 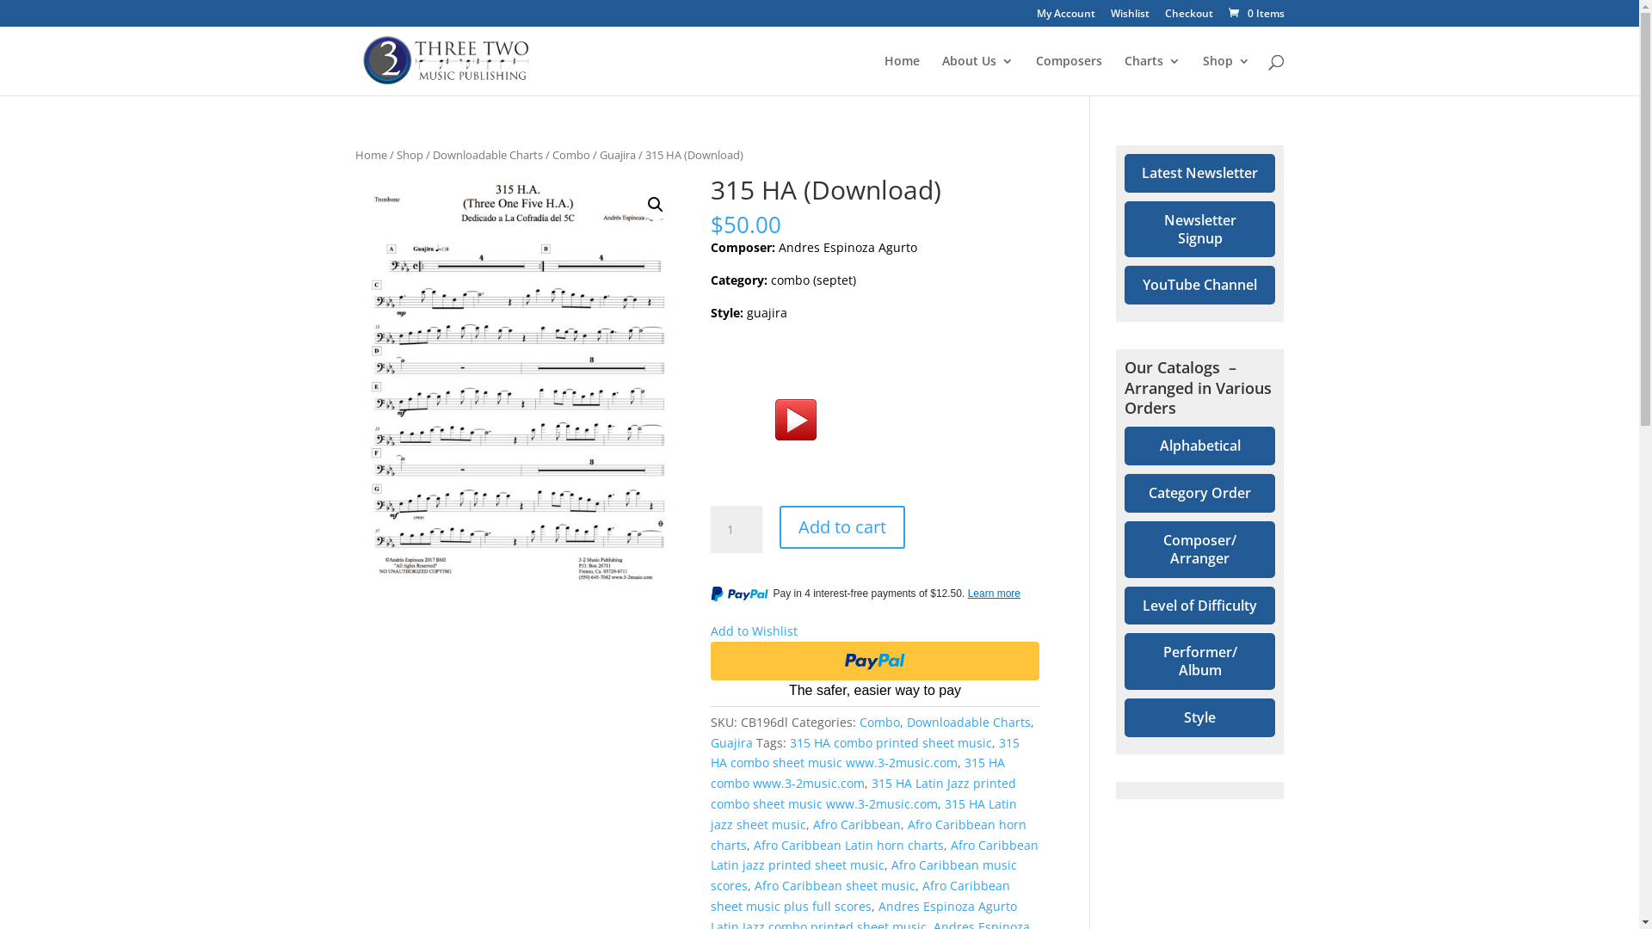 What do you see at coordinates (754, 631) in the screenshot?
I see `'Add to Wishlist'` at bounding box center [754, 631].